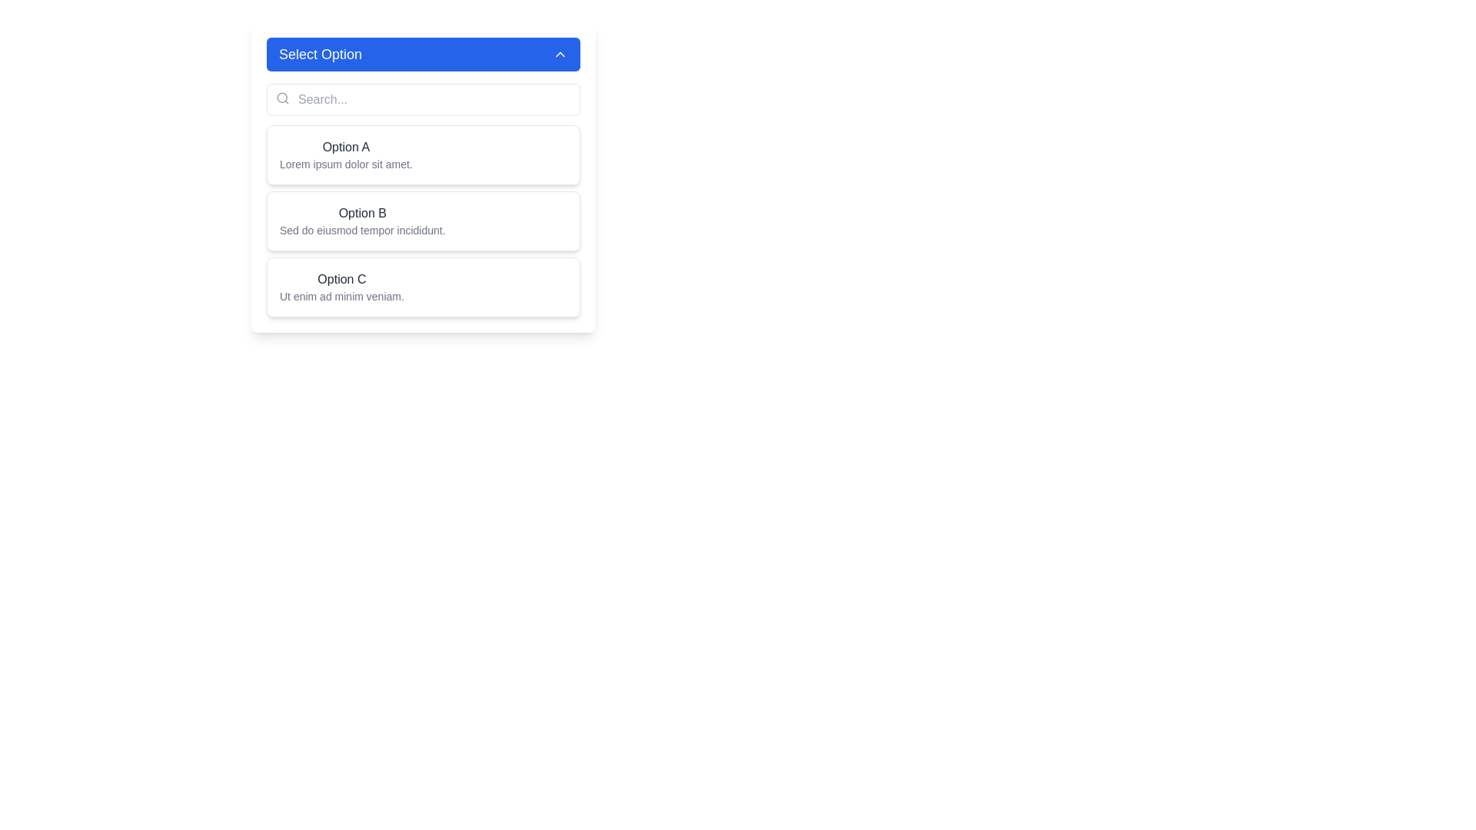 The height and width of the screenshot is (830, 1476). I want to click on the first selectable list item labeled 'Option A', so click(424, 154).